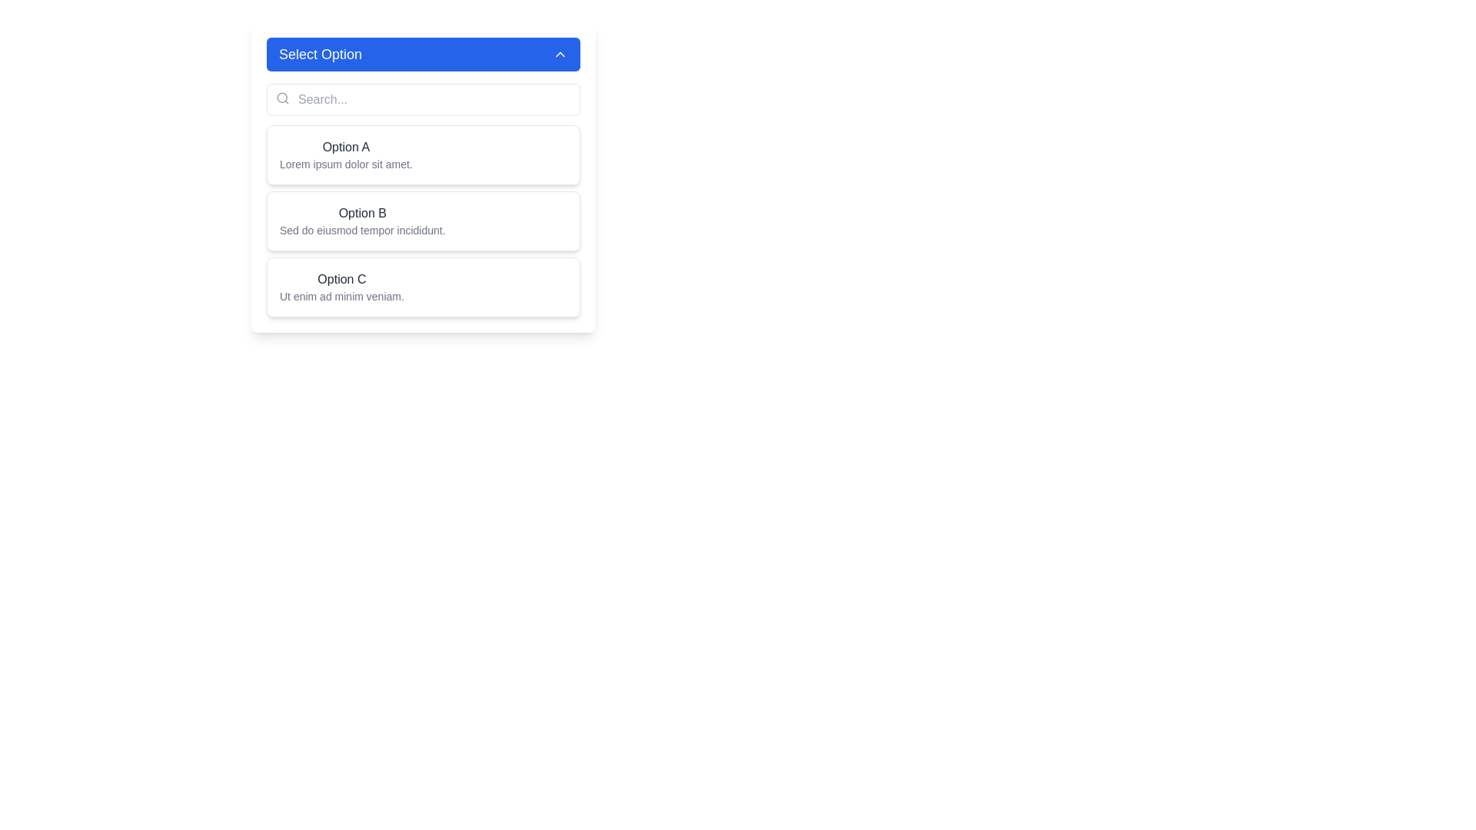 The height and width of the screenshot is (830, 1476). I want to click on the first selectable list item labeled 'Option A', so click(424, 154).